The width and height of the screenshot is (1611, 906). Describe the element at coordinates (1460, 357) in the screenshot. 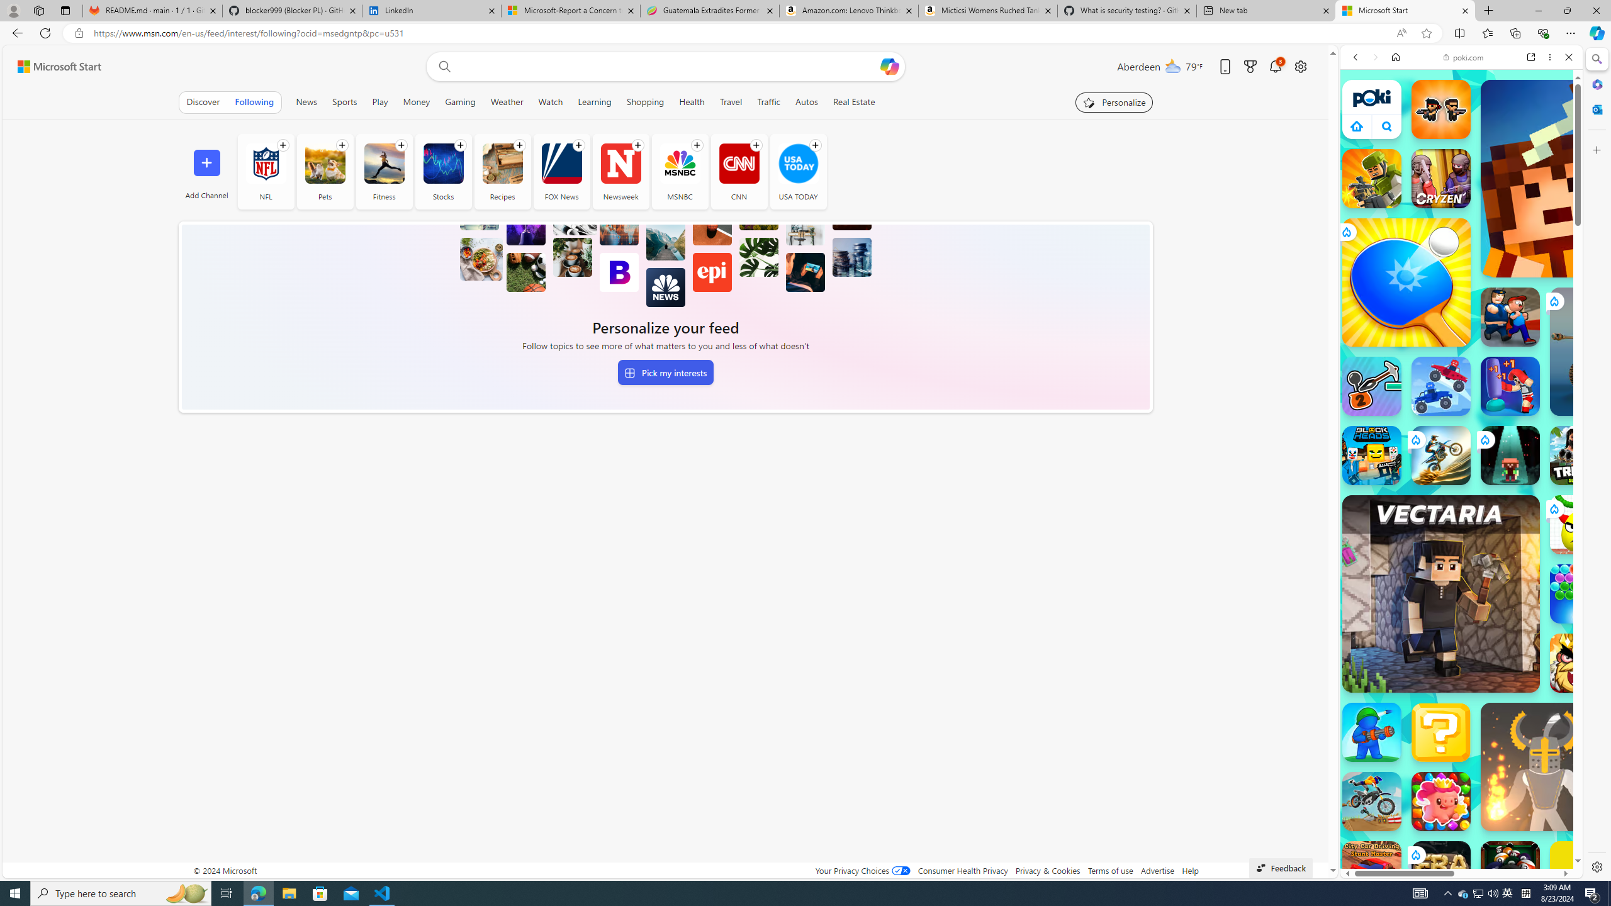

I see `'Two Player Games'` at that location.